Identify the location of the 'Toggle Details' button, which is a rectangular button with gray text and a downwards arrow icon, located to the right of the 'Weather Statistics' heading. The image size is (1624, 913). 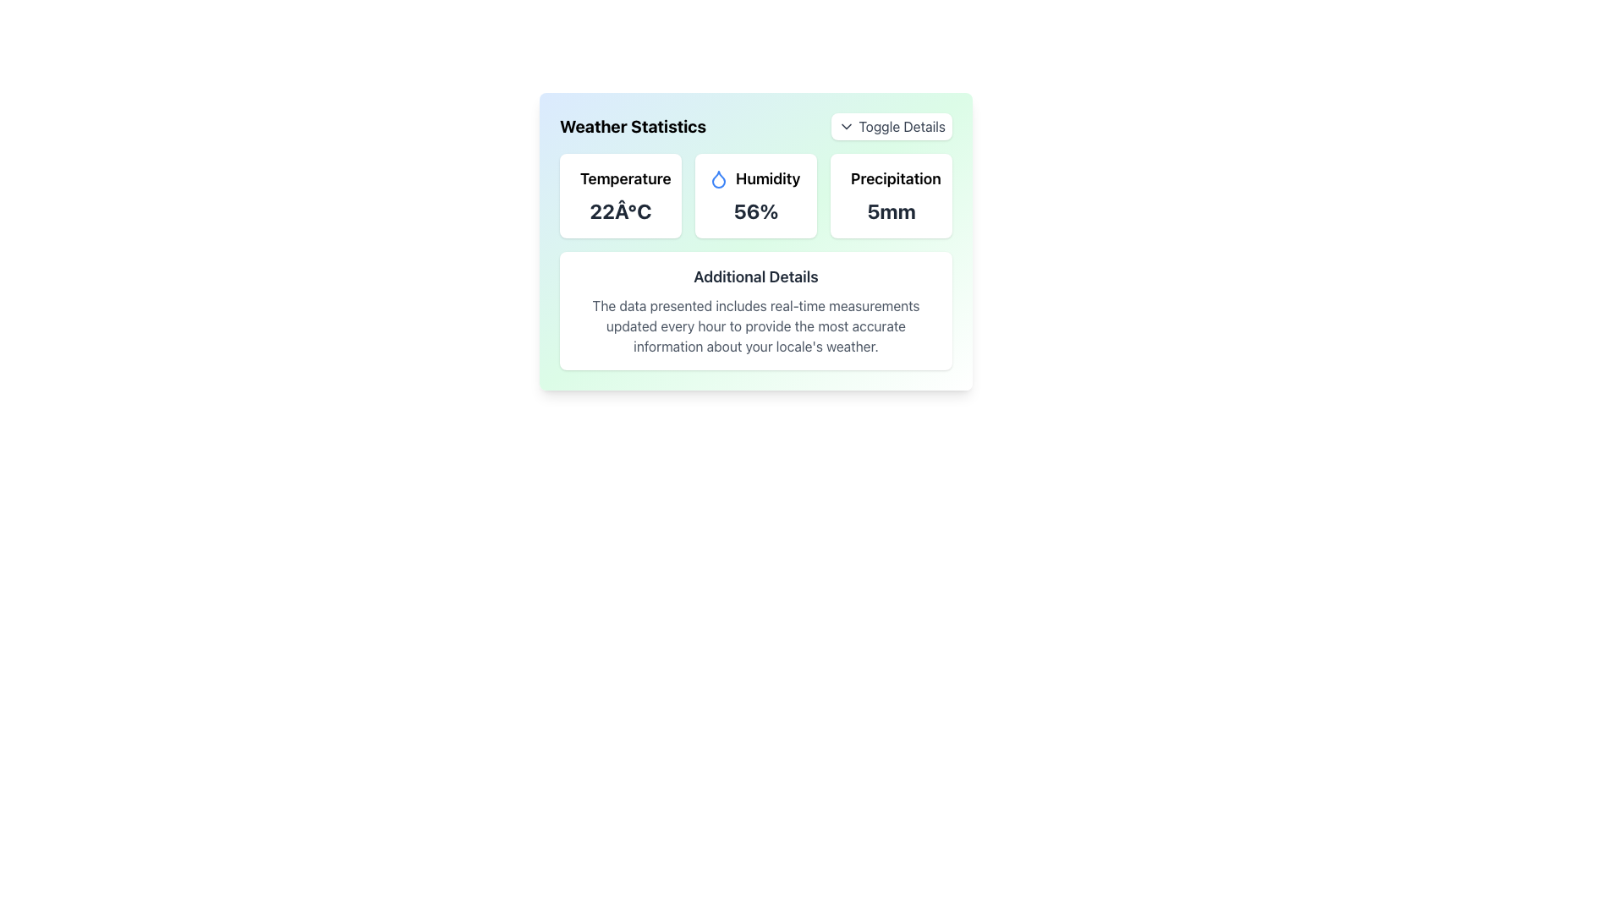
(891, 126).